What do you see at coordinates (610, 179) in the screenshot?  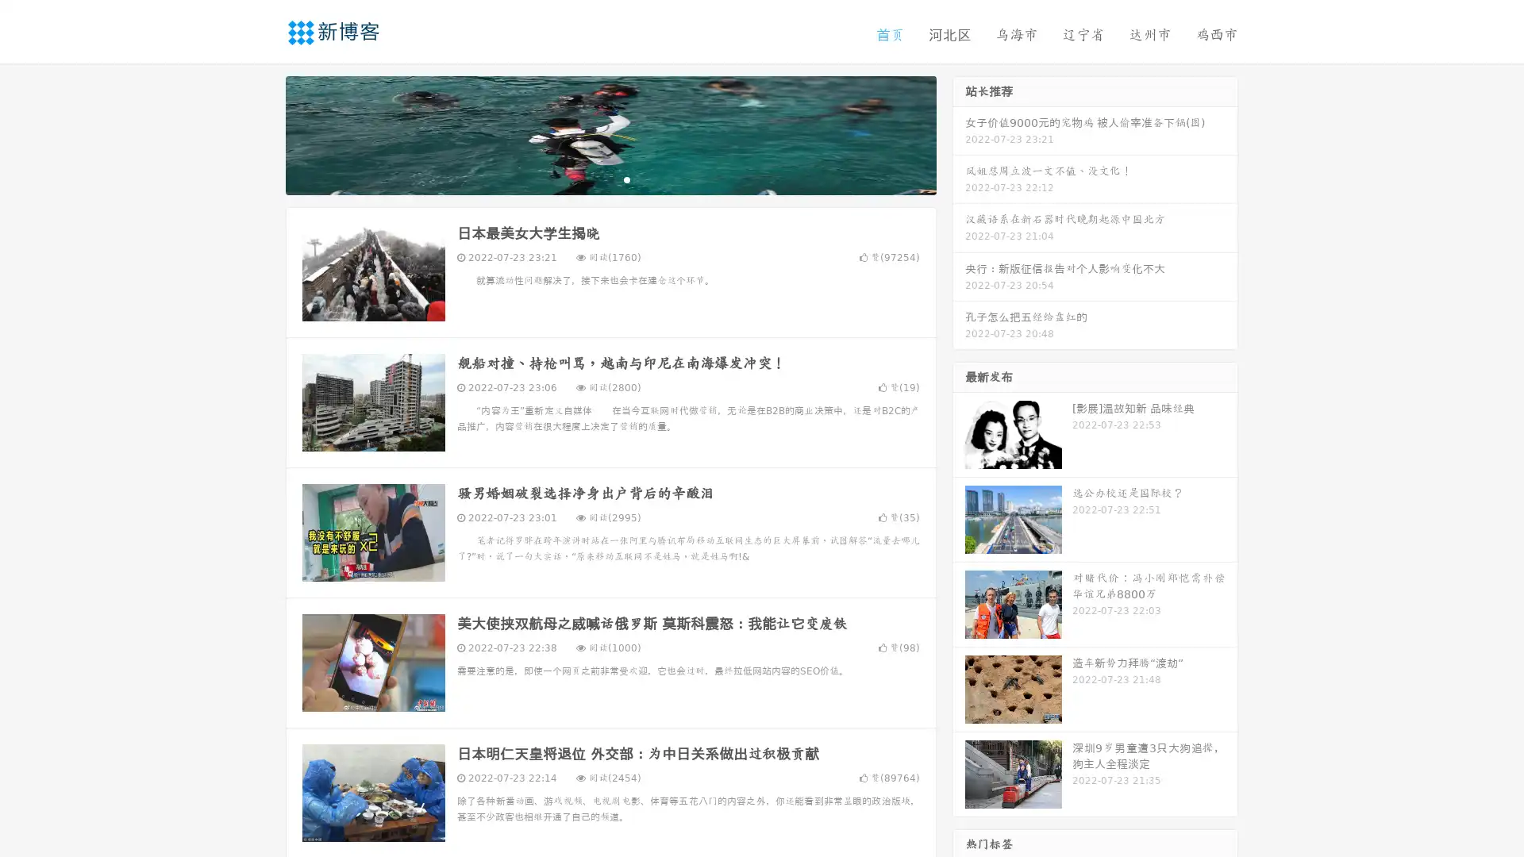 I see `Go to slide 2` at bounding box center [610, 179].